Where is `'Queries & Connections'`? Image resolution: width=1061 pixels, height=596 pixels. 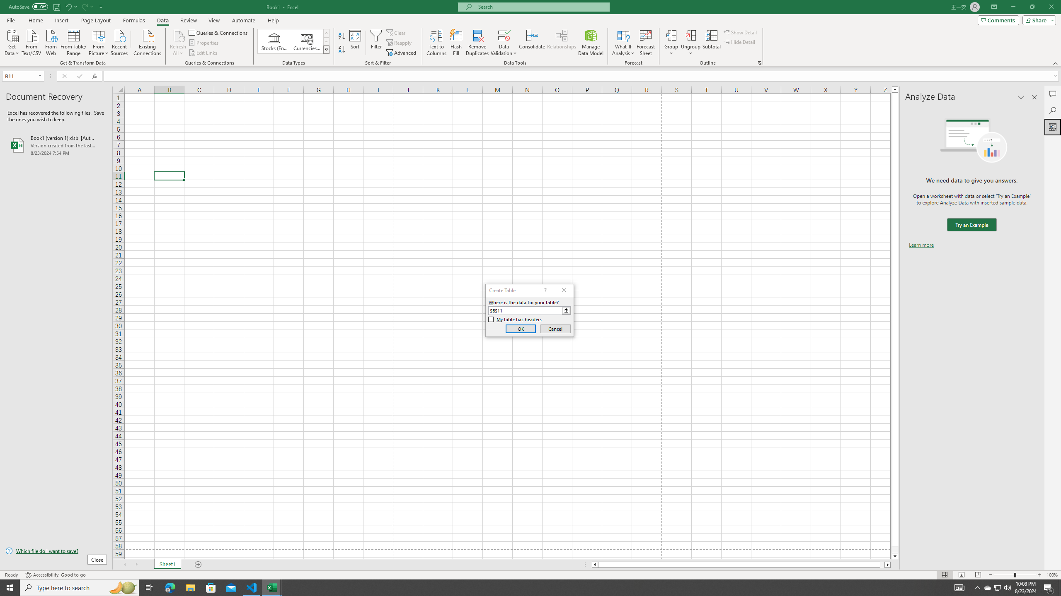 'Queries & Connections' is located at coordinates (218, 32).